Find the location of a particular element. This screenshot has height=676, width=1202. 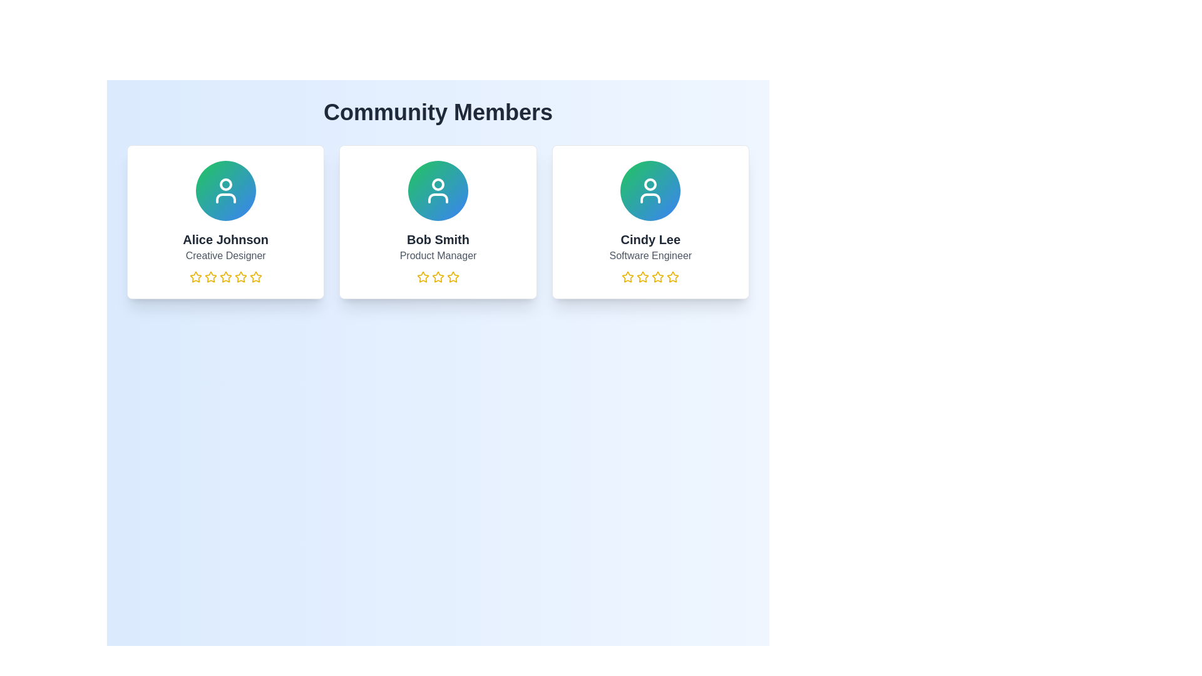

the lower portion of the user icon represented by a semicircle or arc in the SVG located at the top-center of the card for 'Bob Smith' is located at coordinates (438, 197).